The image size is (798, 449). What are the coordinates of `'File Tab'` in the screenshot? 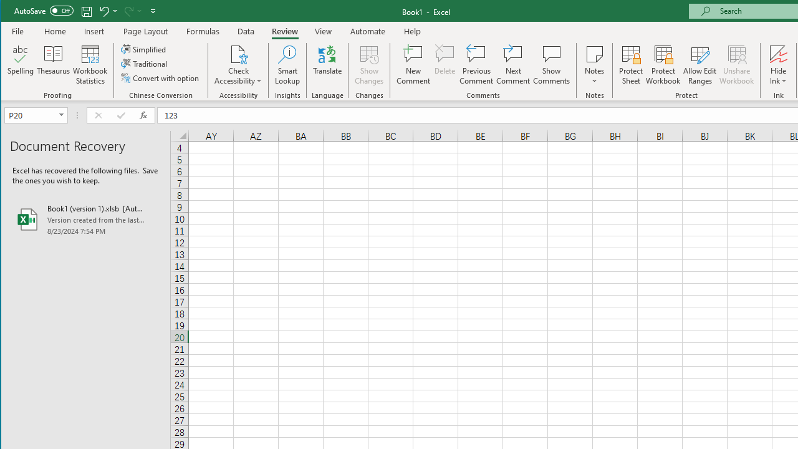 It's located at (18, 31).